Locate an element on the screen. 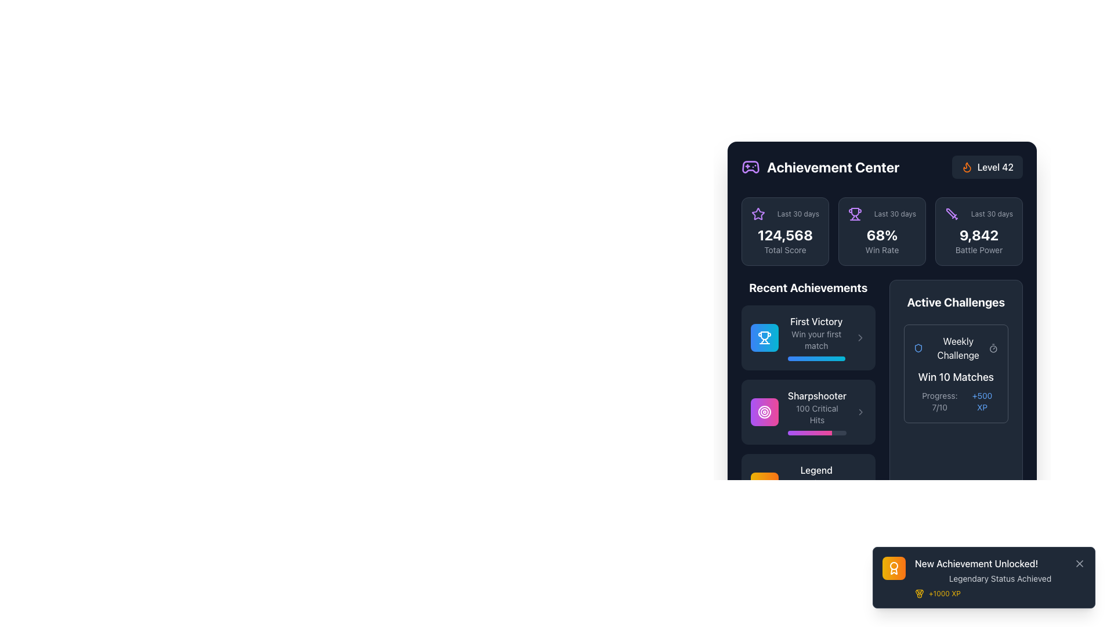 The image size is (1114, 627). the 'Sharpshooter' title text label, which is positioned above '100 Critical Hits' and next to a circular icon is located at coordinates (816, 395).